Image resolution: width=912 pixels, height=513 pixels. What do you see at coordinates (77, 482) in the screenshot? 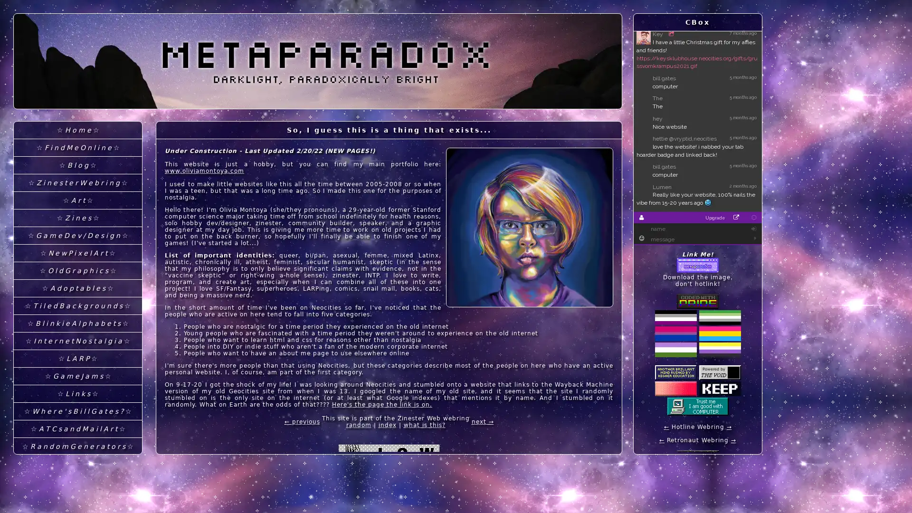
I see `A d o p t e d G r a p h i c s` at bounding box center [77, 482].